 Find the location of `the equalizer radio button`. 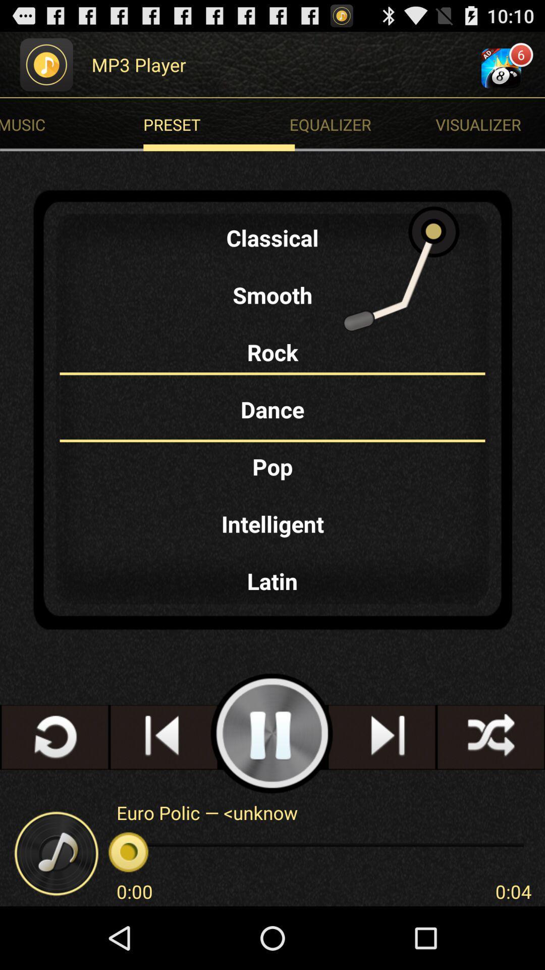

the equalizer radio button is located at coordinates (365, 124).